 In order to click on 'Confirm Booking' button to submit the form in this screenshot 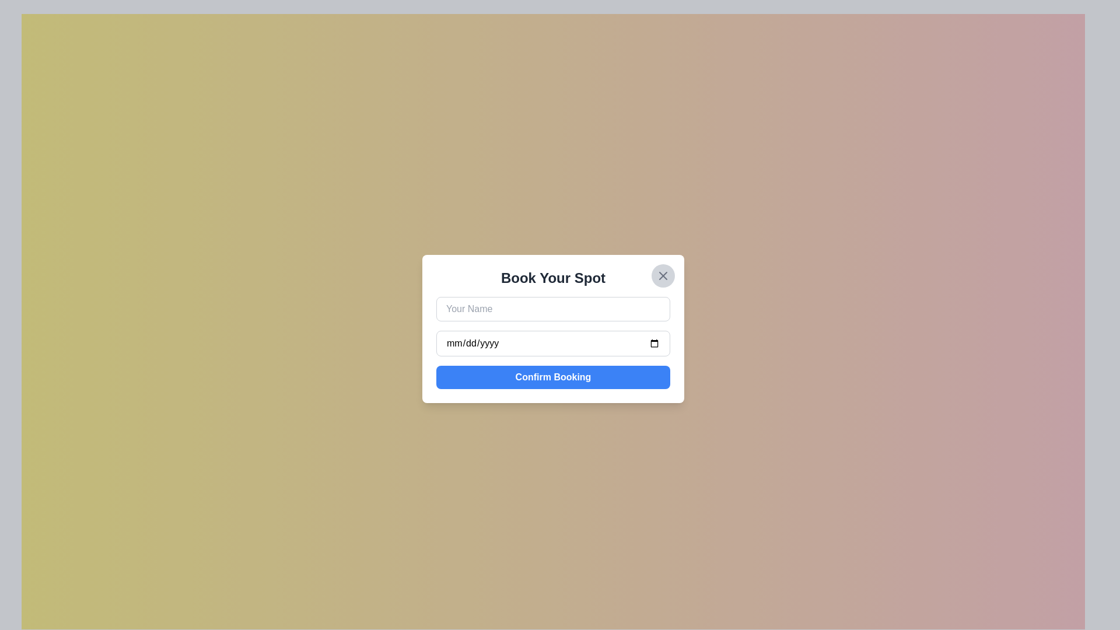, I will do `click(552, 377)`.